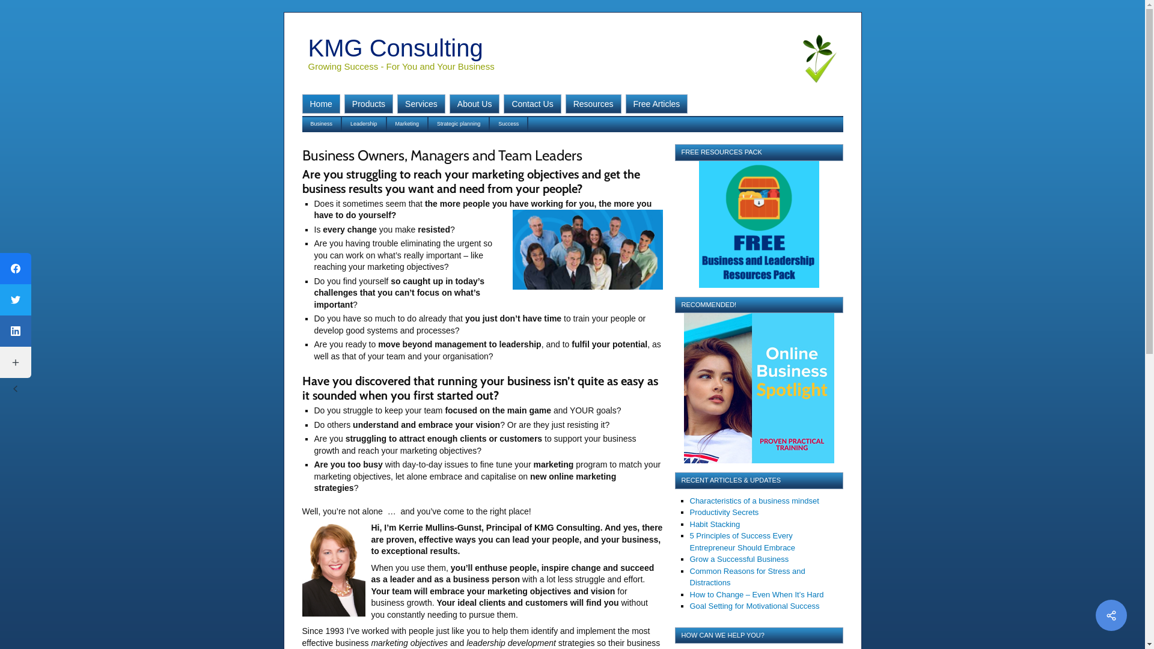 This screenshot has height=649, width=1154. Describe the element at coordinates (739, 559) in the screenshot. I see `'Grow a Successful Business'` at that location.